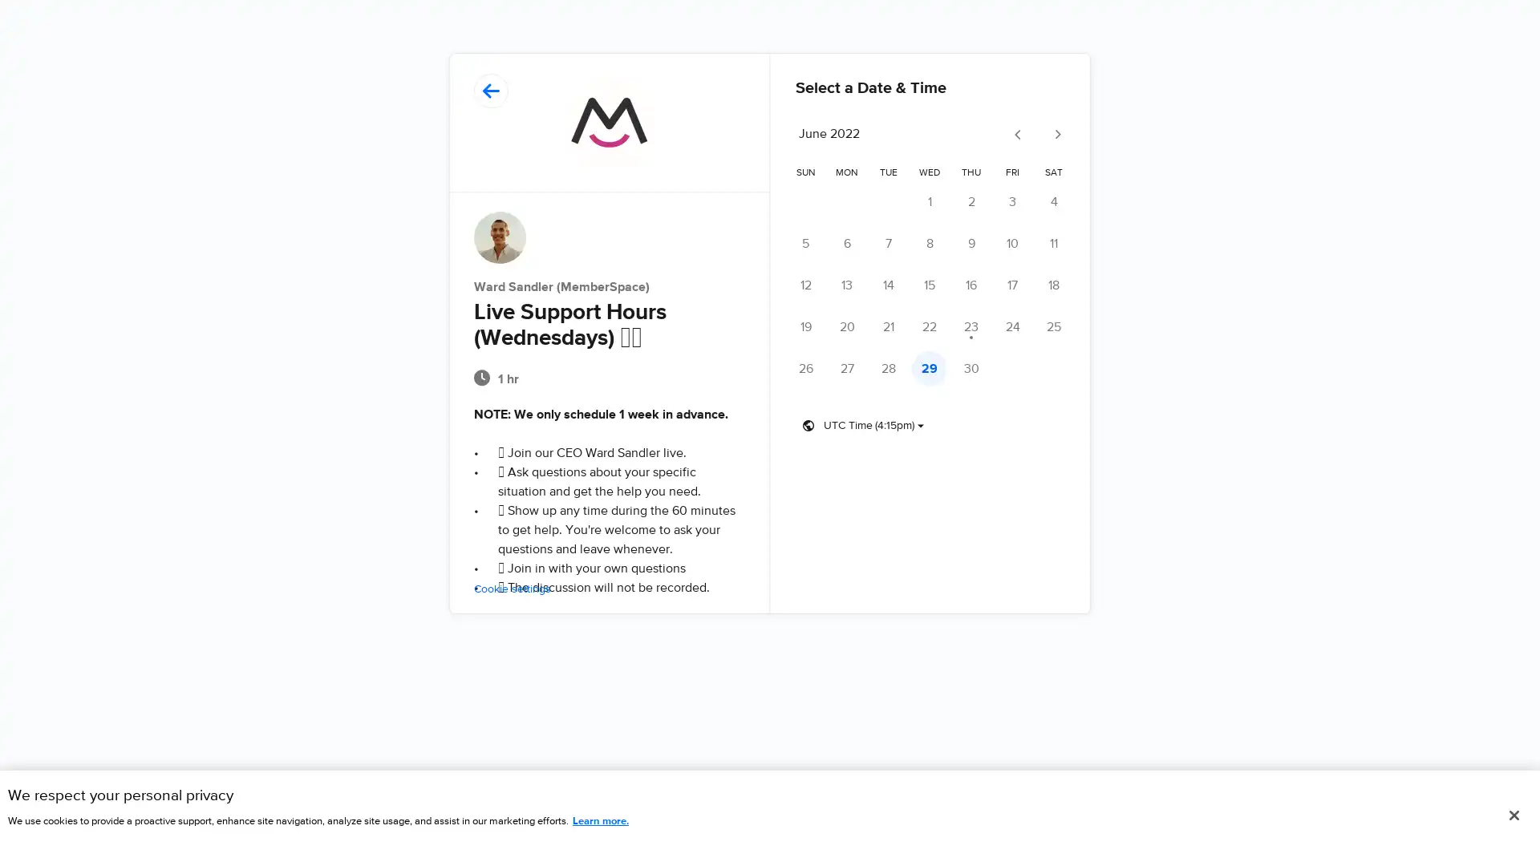 The height and width of the screenshot is (866, 1540). Describe the element at coordinates (804, 244) in the screenshot. I see `Sunday, June 5 - No times available` at that location.